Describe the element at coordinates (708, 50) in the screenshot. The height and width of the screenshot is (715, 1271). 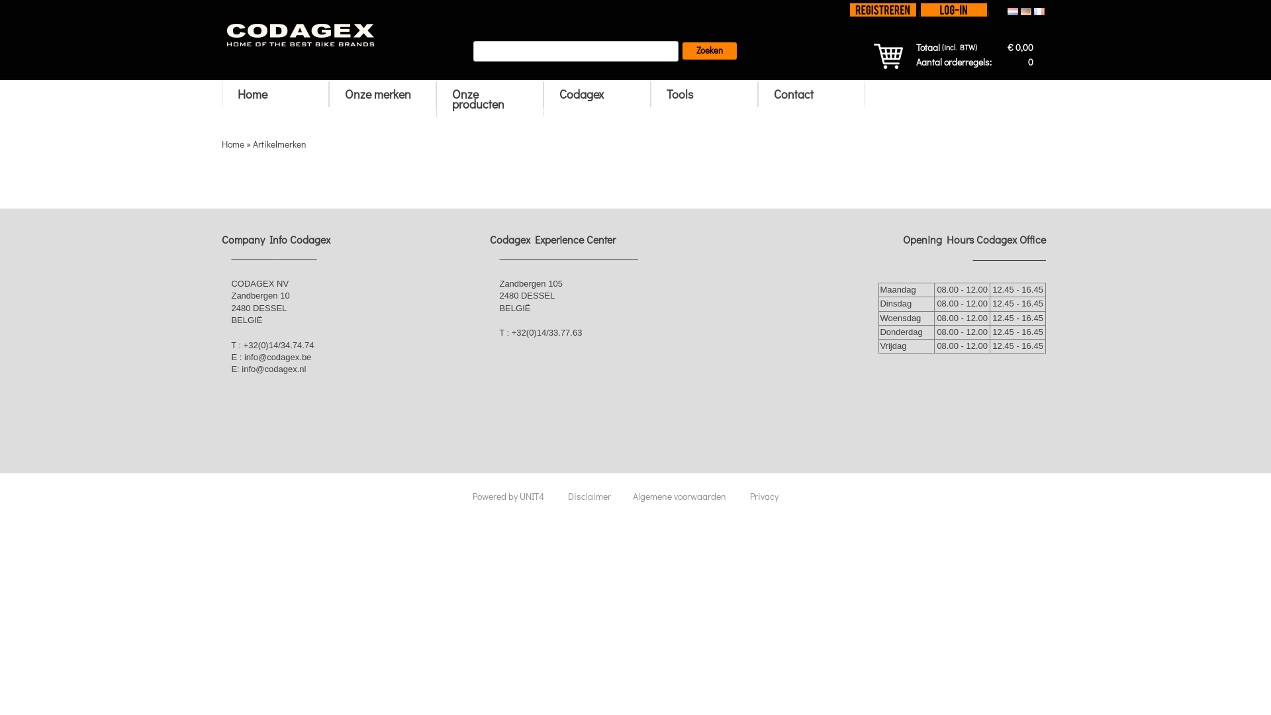
I see `'Zoeken'` at that location.